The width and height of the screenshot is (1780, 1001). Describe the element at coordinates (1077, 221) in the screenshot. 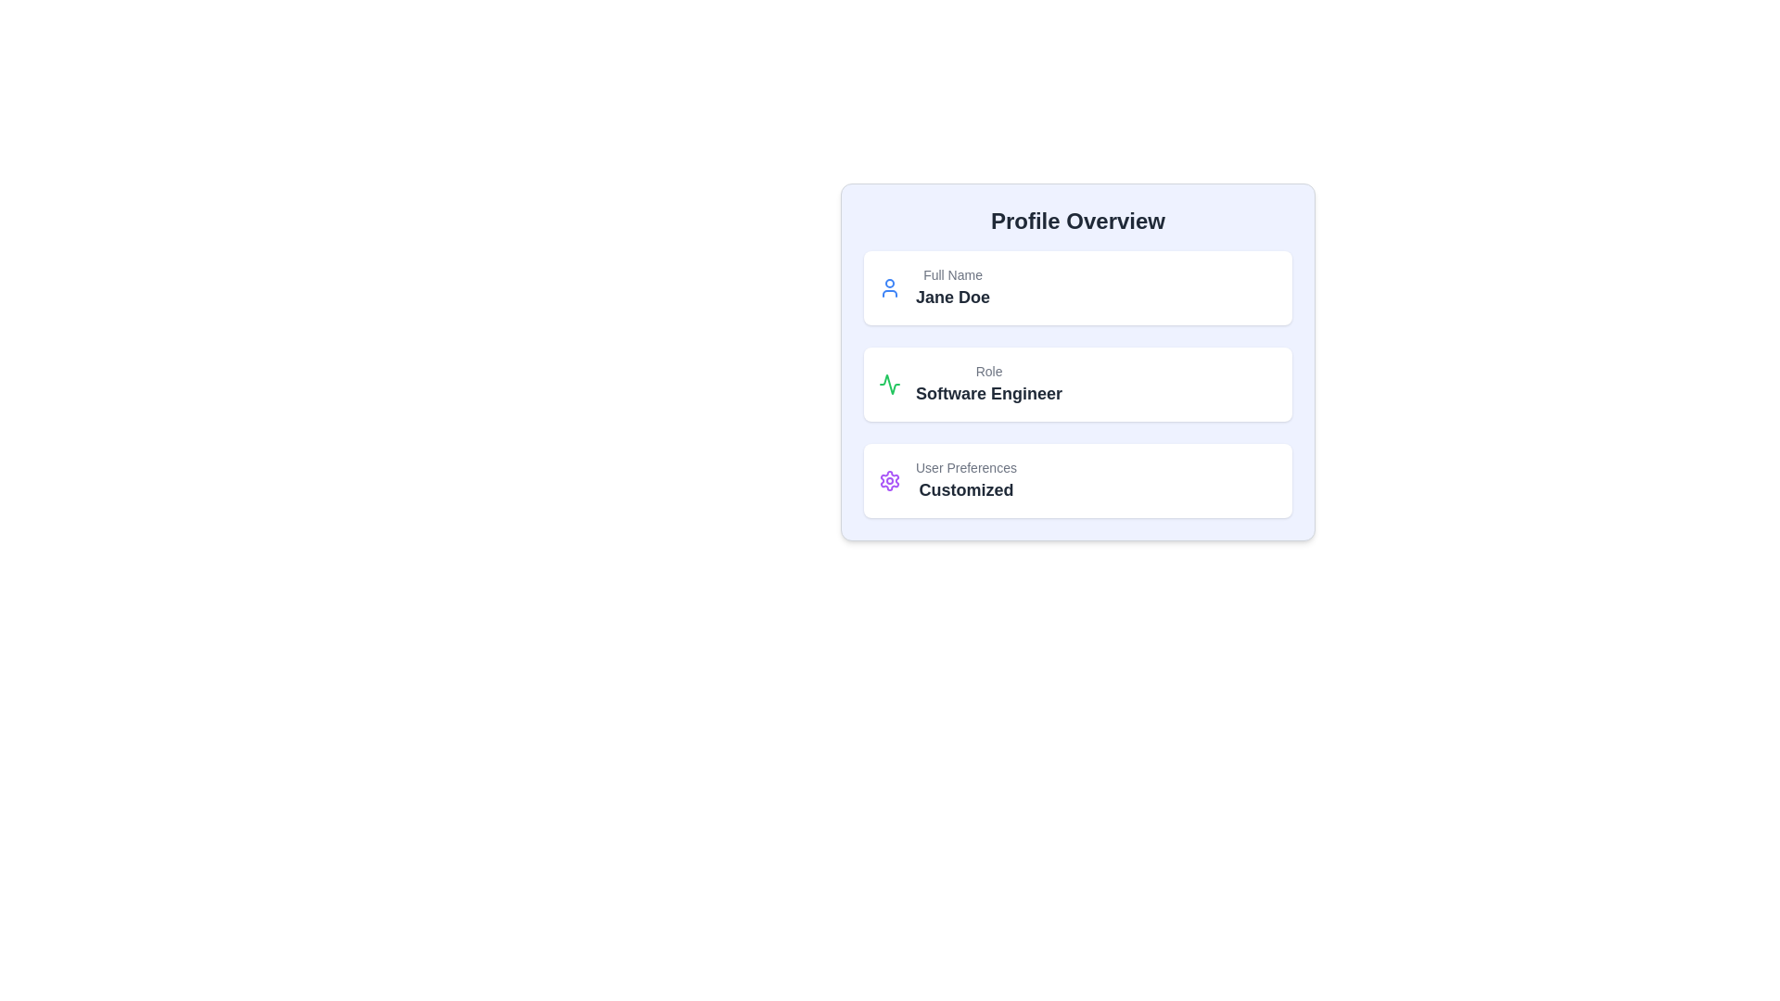

I see `header text element located at the top of the profile summary card, which indicates the card's content` at that location.